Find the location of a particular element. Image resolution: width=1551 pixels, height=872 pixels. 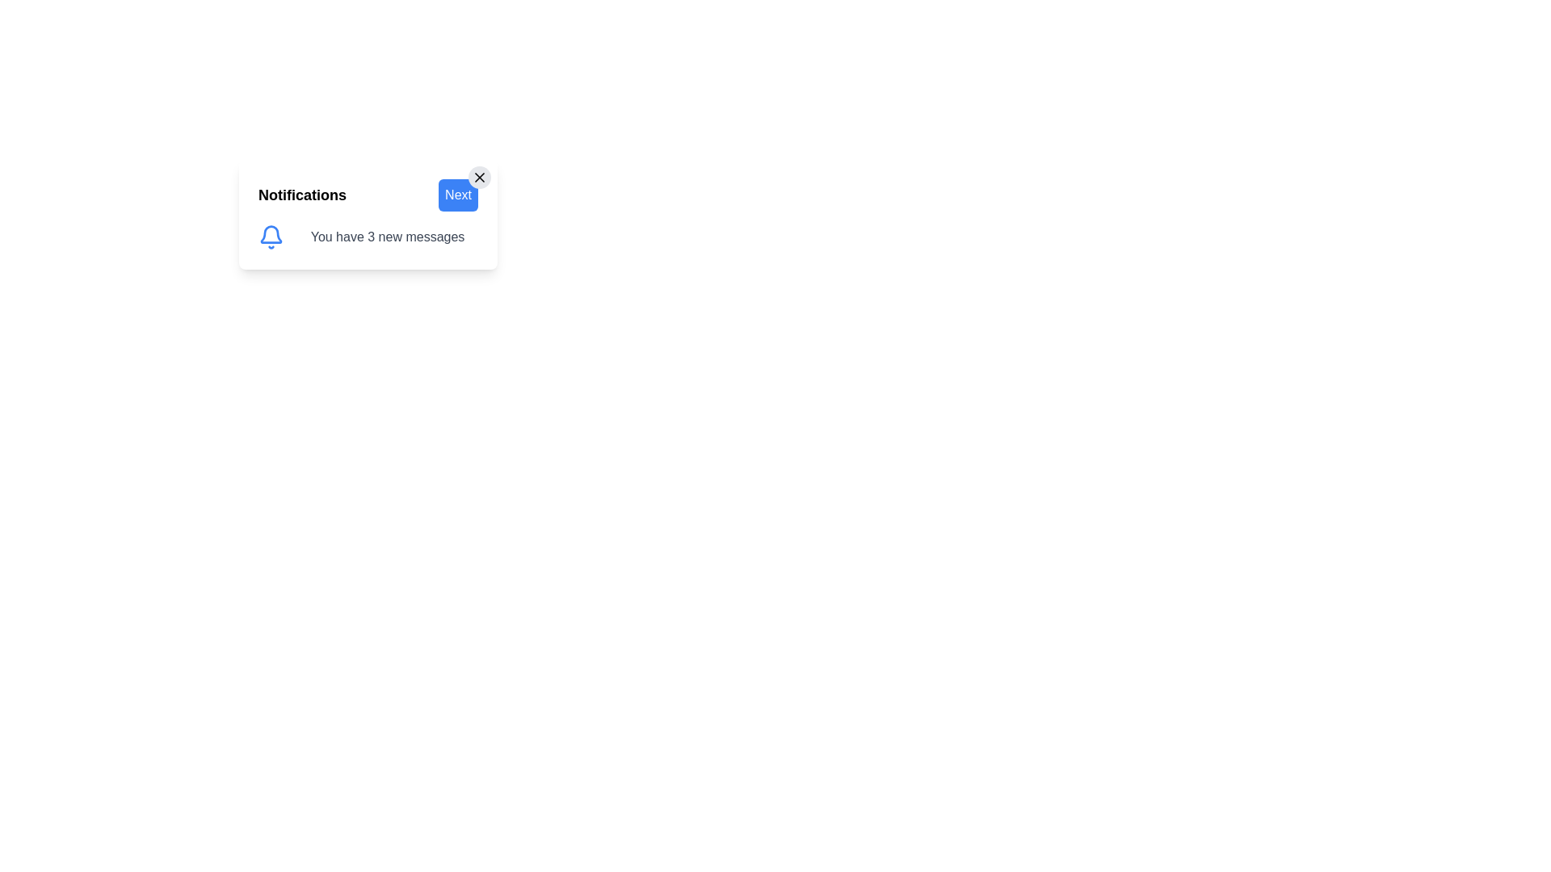

the bell-shaped icon with a blue outline, located in the notifications pop-up next to the text 'You have 3 new messages' is located at coordinates (271, 234).